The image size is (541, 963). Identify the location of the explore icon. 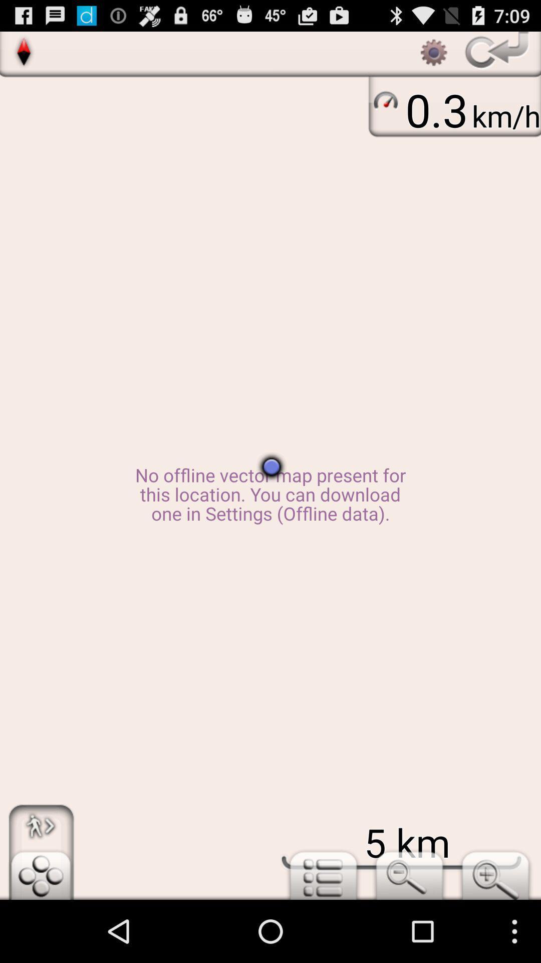
(23, 55).